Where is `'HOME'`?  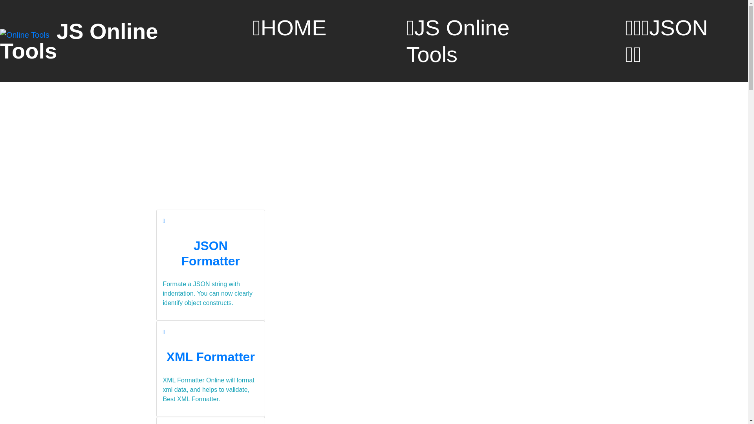 'HOME' is located at coordinates (289, 27).